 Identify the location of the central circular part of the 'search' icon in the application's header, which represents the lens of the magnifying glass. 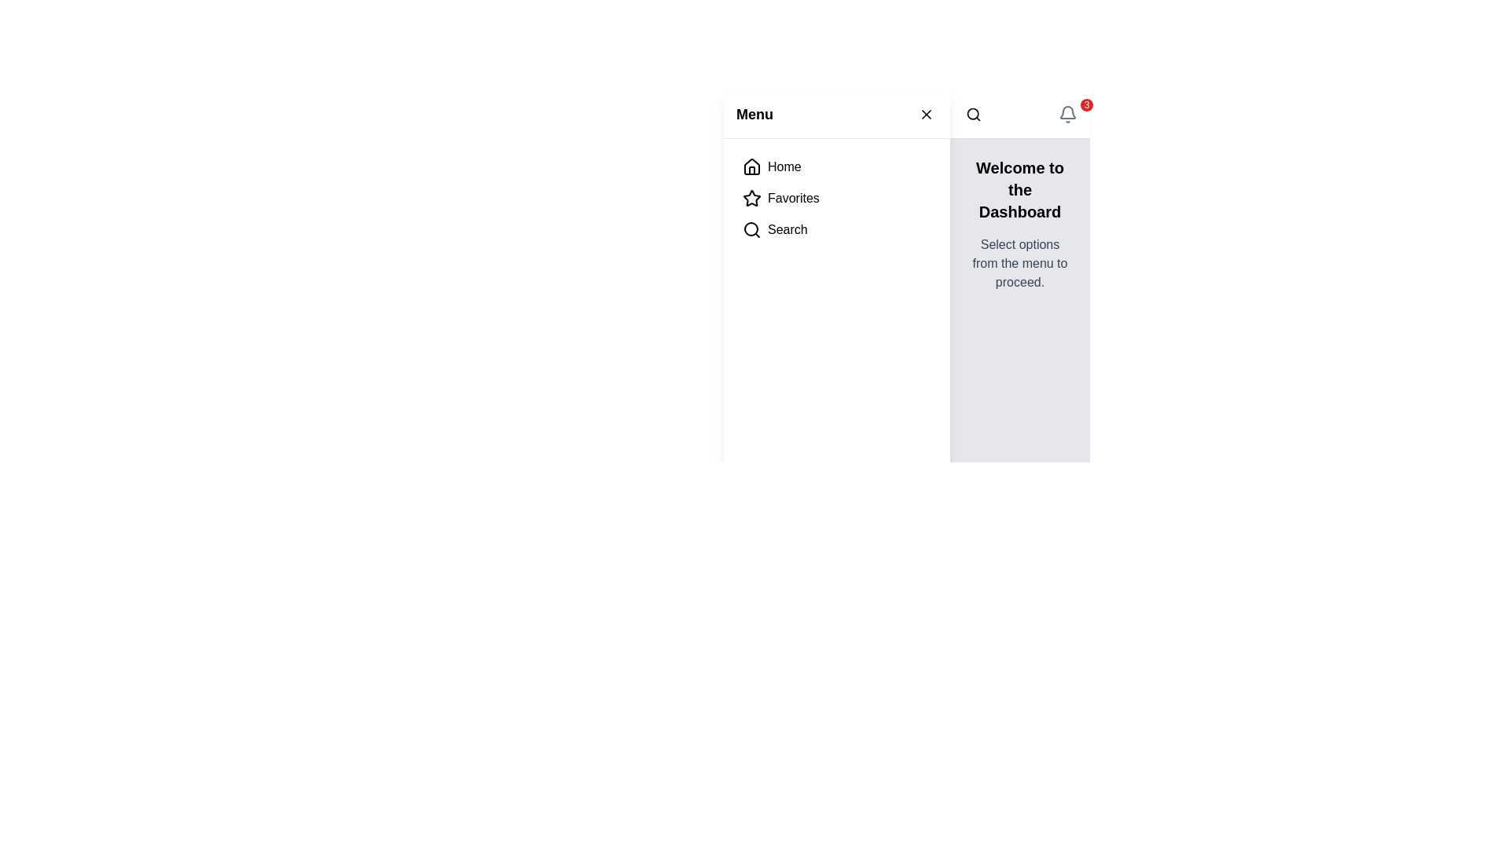
(750, 229).